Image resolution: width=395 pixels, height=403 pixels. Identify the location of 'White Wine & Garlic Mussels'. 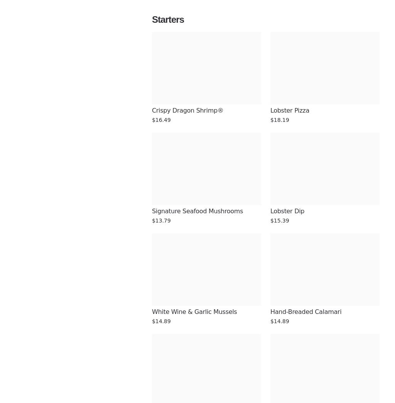
(194, 312).